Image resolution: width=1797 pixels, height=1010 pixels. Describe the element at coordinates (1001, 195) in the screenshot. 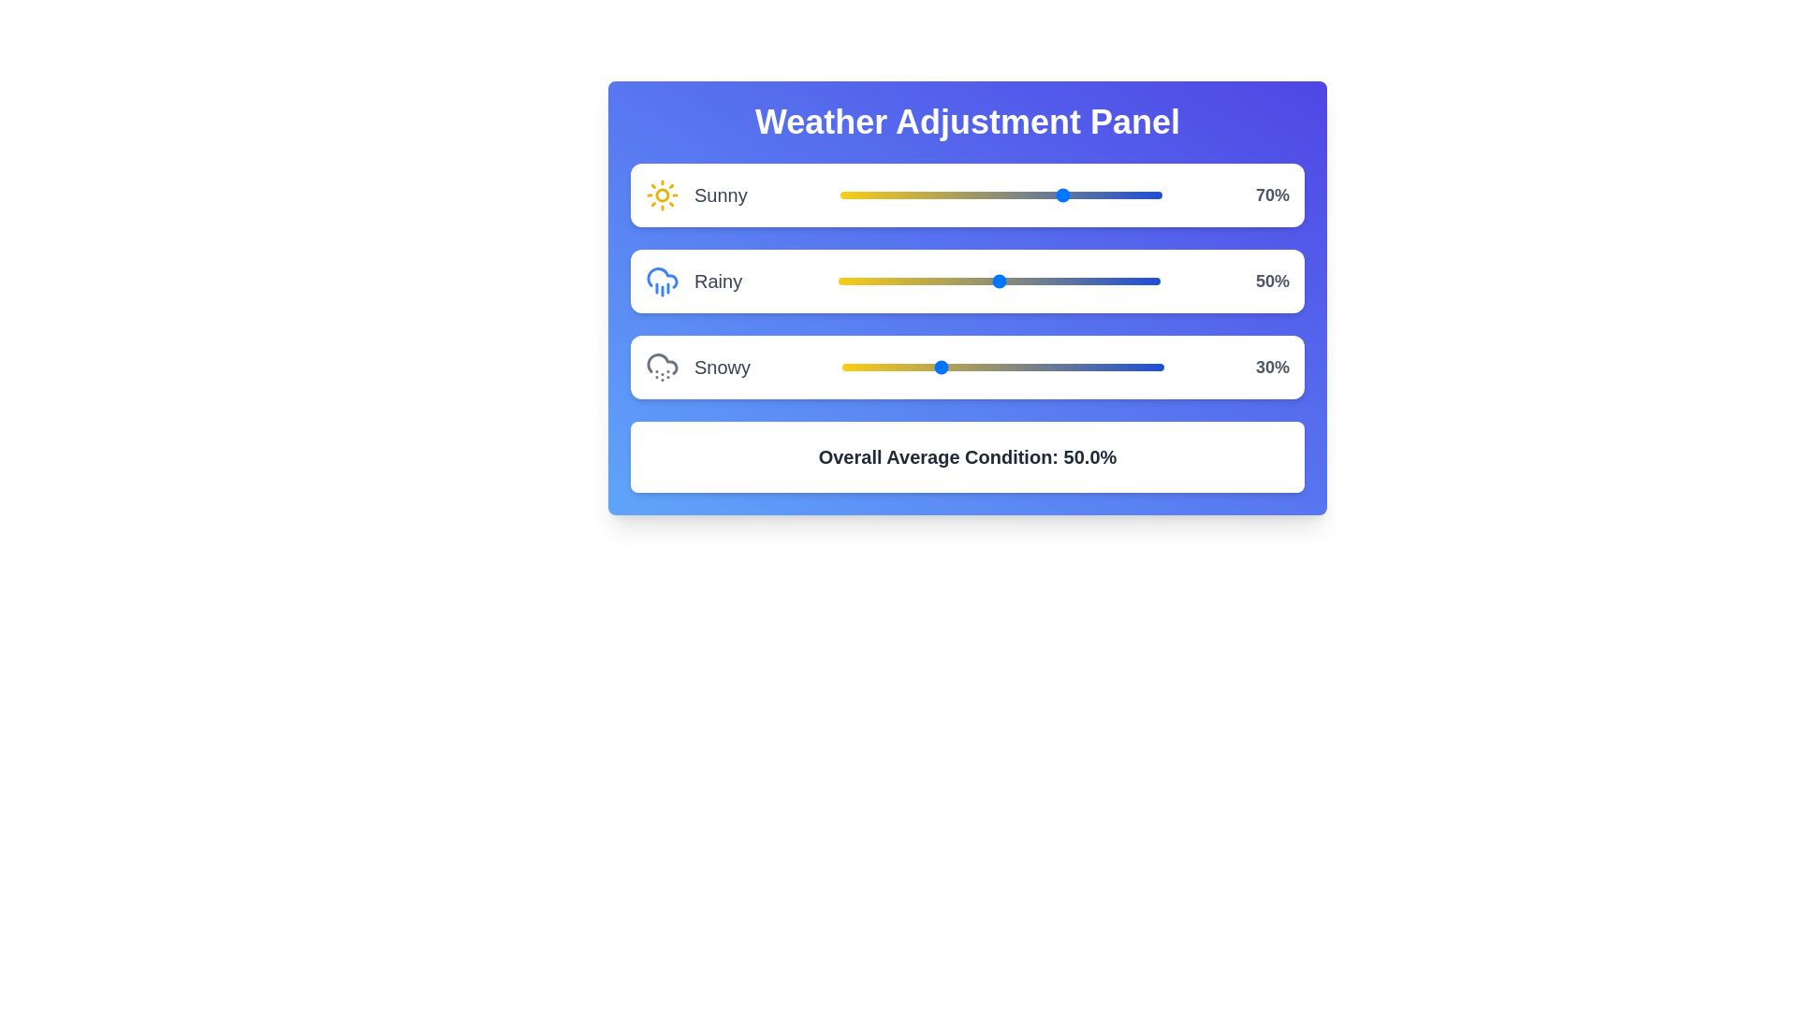

I see `the track of the horizontal range slider located in the Weather Adjustment Panel between the label 'Sunny' and the percentage value '70%' to move the handle to the clicked position` at that location.